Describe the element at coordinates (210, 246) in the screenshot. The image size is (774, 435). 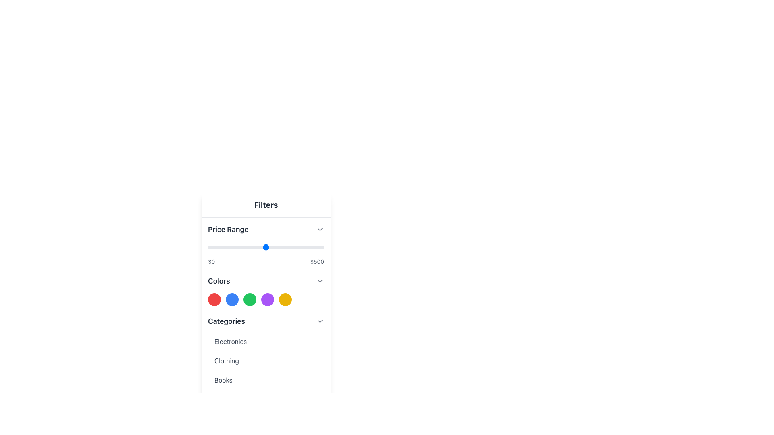
I see `the price range` at that location.